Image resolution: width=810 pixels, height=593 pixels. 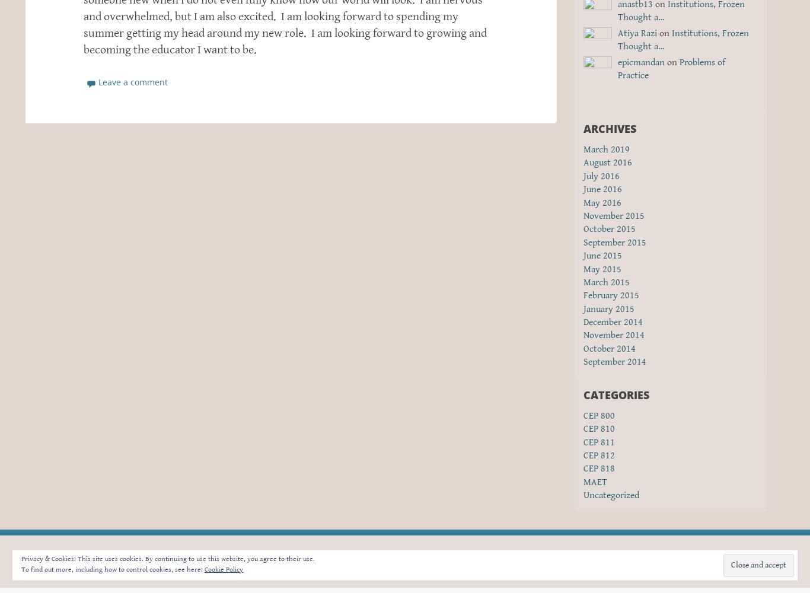 I want to click on 'CEP 811', so click(x=599, y=441).